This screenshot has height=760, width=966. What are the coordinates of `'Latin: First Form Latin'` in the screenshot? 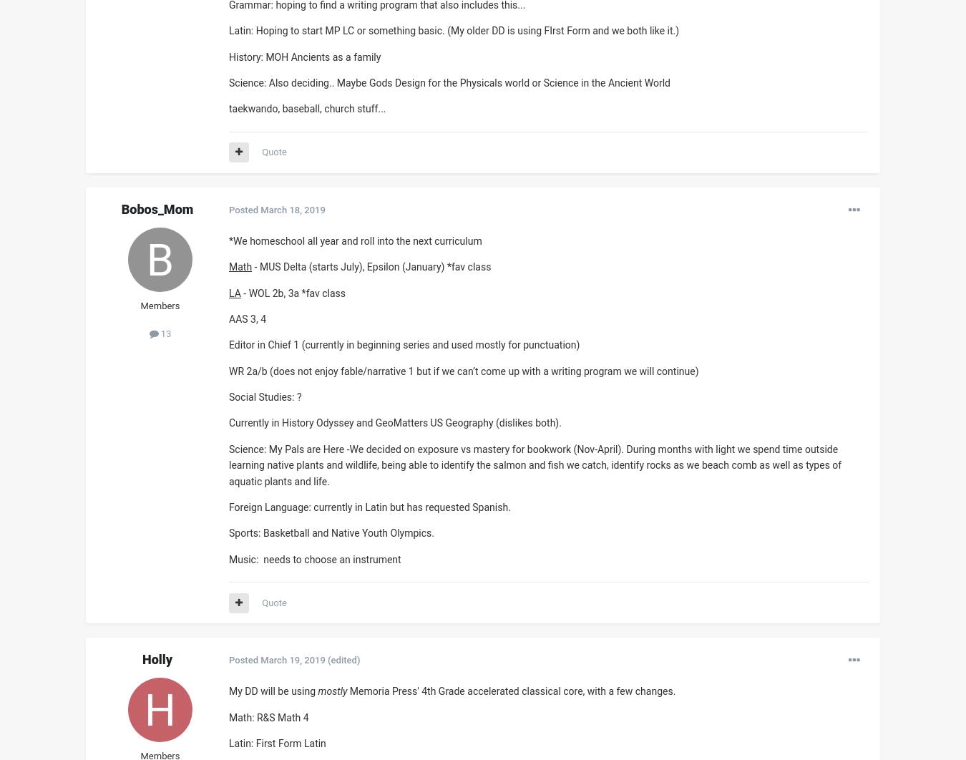 It's located at (277, 741).